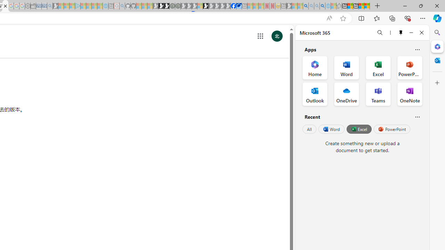 The width and height of the screenshot is (445, 250). I want to click on 'Teams Office App', so click(378, 94).